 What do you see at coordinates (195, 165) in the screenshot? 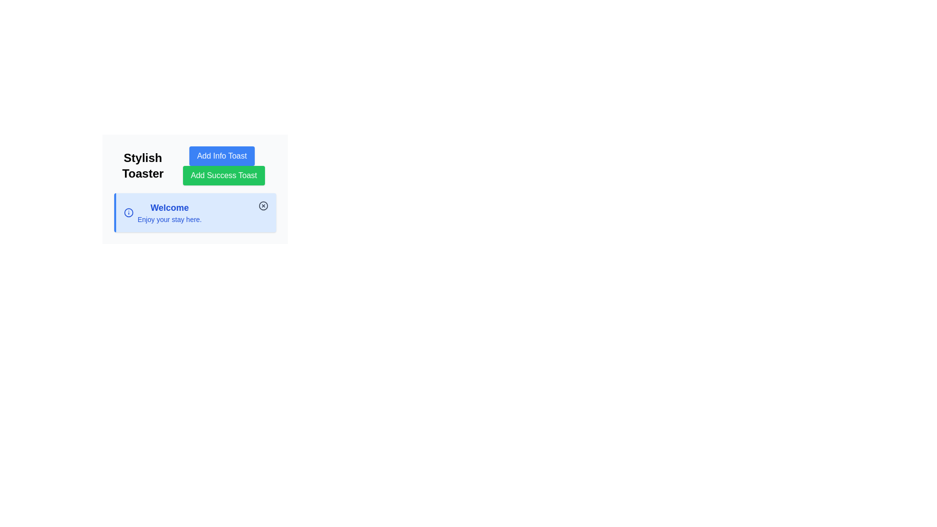
I see `the button group containing the 'Add Info Toast' and 'Add Success Toast' buttons with blue and green backgrounds respectively, to observe the hover effect` at bounding box center [195, 165].